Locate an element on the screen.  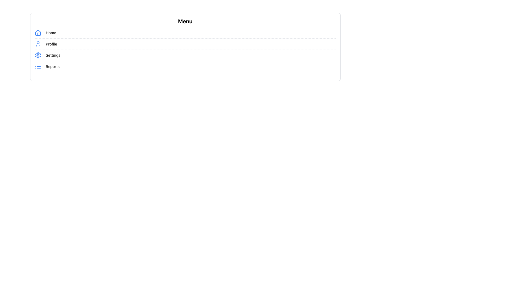
the static heading element that serves as the title for the options listed below it, positioned at the top of the layout is located at coordinates (185, 21).